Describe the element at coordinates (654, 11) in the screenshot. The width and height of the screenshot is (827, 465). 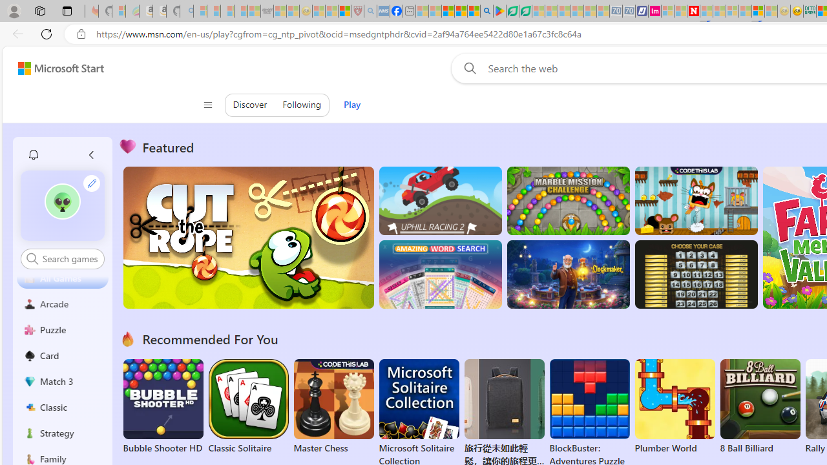
I see `'Jobs - lastminute.com Investor Portal'` at that location.